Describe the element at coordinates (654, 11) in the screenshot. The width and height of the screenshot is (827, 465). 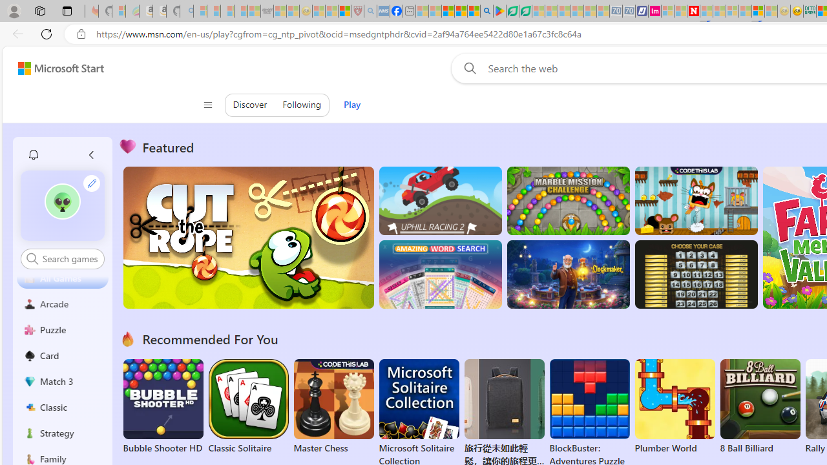
I see `'Jobs - lastminute.com Investor Portal'` at that location.